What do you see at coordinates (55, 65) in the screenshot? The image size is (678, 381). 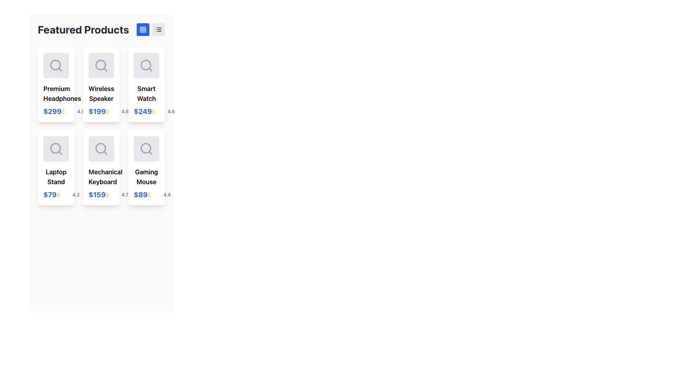 I see `the circular component of the magnifying glass icon in the top-left item of the grid representing 'Premium Headphones'` at bounding box center [55, 65].